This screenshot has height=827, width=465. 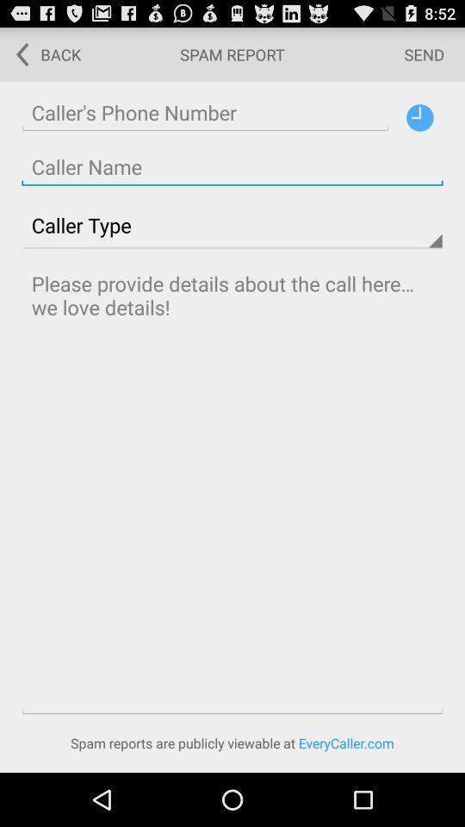 What do you see at coordinates (232, 489) in the screenshot?
I see `write option` at bounding box center [232, 489].